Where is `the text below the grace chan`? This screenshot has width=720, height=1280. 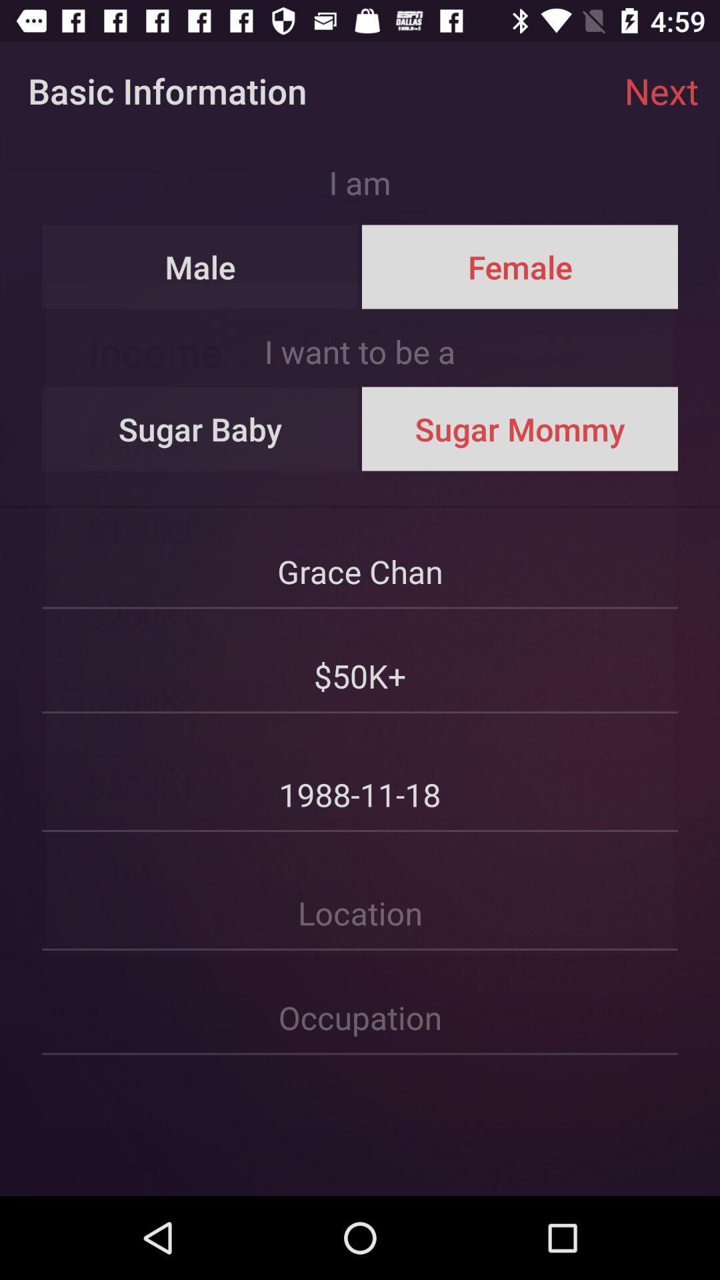
the text below the grace chan is located at coordinates (360, 662).